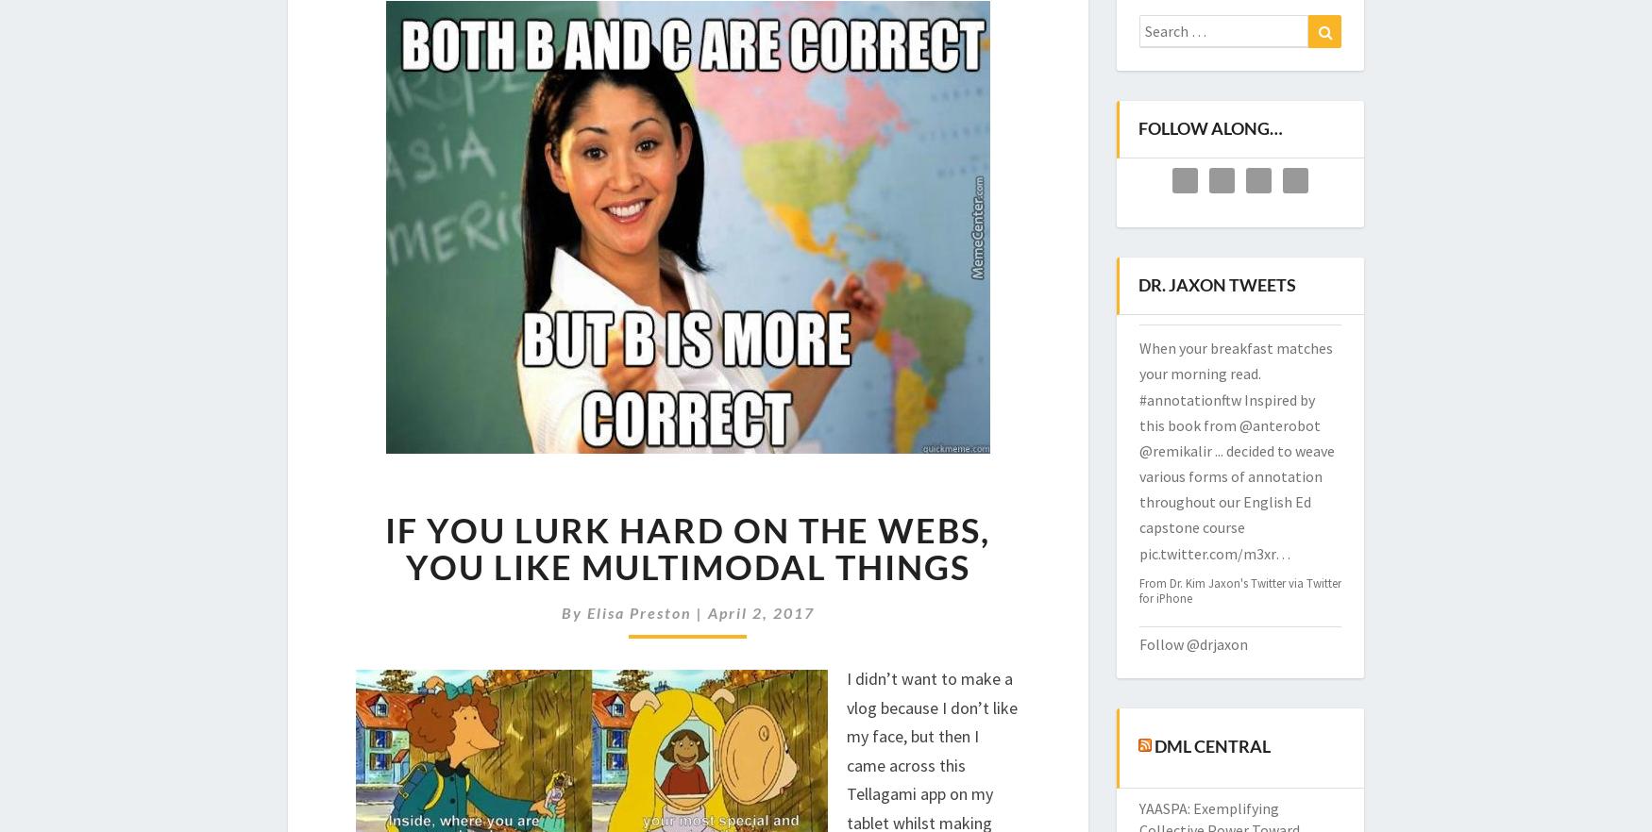  What do you see at coordinates (1232, 374) in the screenshot?
I see `'Made it through fall 2022. All my gratitude to students and incredible colleagues.'` at bounding box center [1232, 374].